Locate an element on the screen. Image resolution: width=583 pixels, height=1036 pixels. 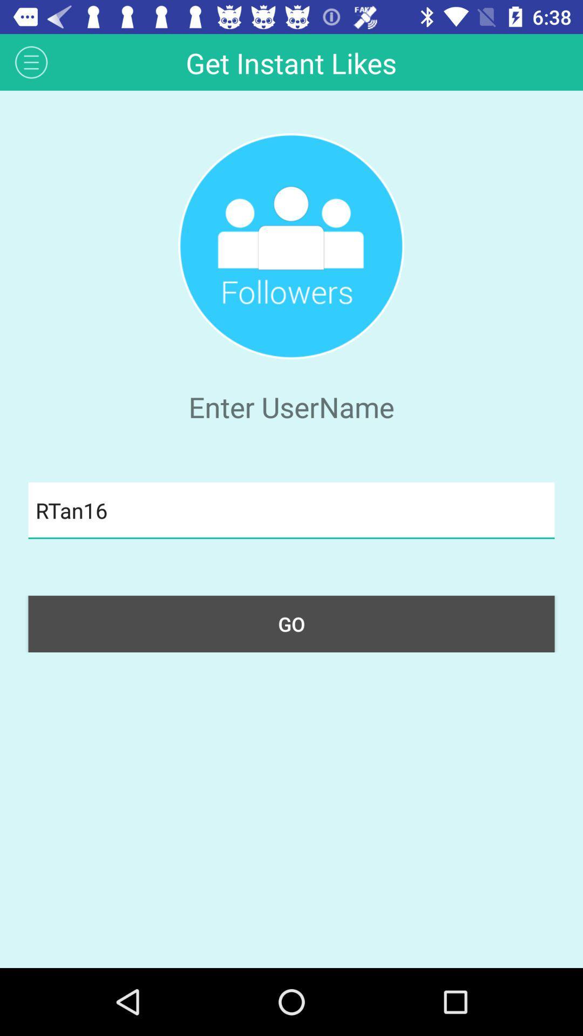
the item next to get instant likes item is located at coordinates (31, 62).